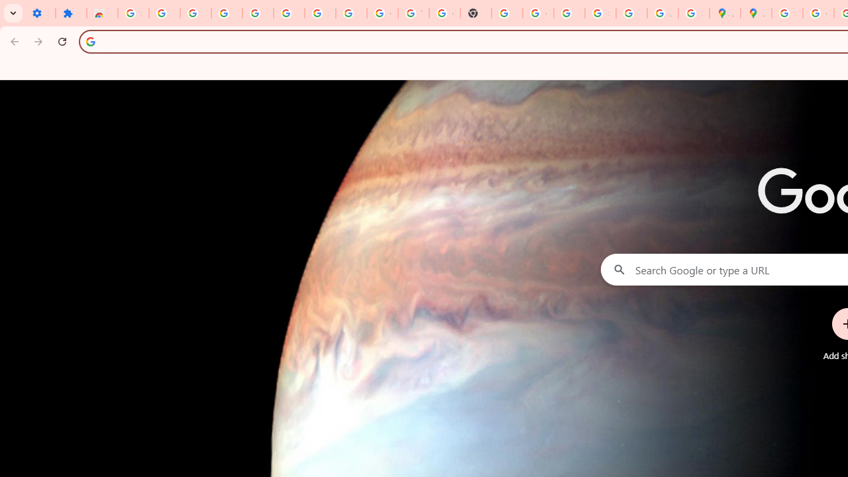  Describe the element at coordinates (70, 13) in the screenshot. I see `'Extensions'` at that location.